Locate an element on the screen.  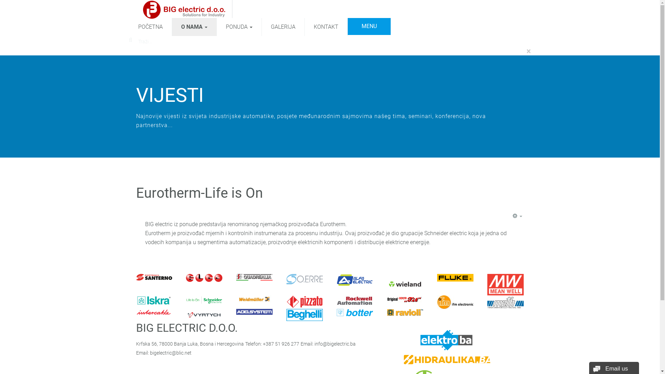
'Quadritalia' is located at coordinates (236, 277).